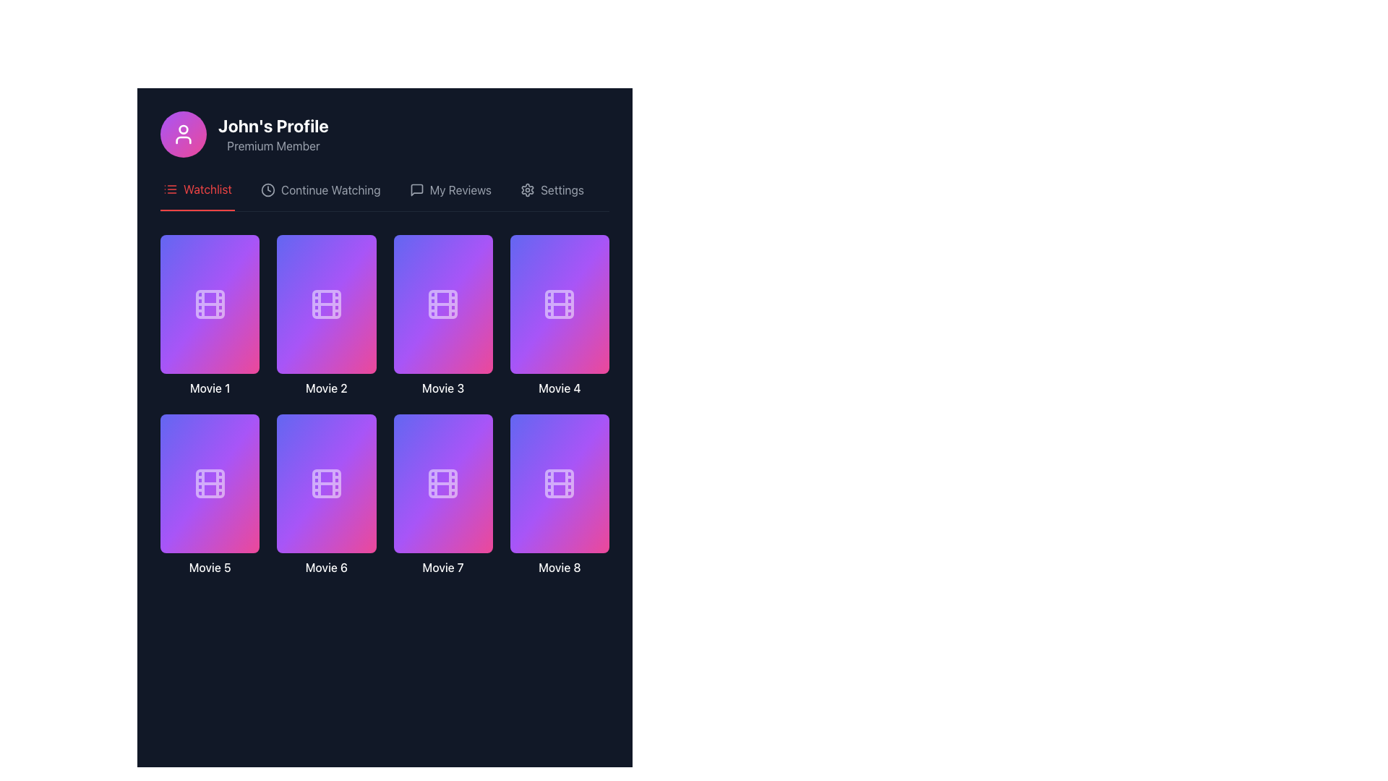 Image resolution: width=1388 pixels, height=781 pixels. I want to click on the text label identifying the movie titled 'Movie 6', which is located at the bottom of the sixth movie tile in the grid display, so click(325, 567).